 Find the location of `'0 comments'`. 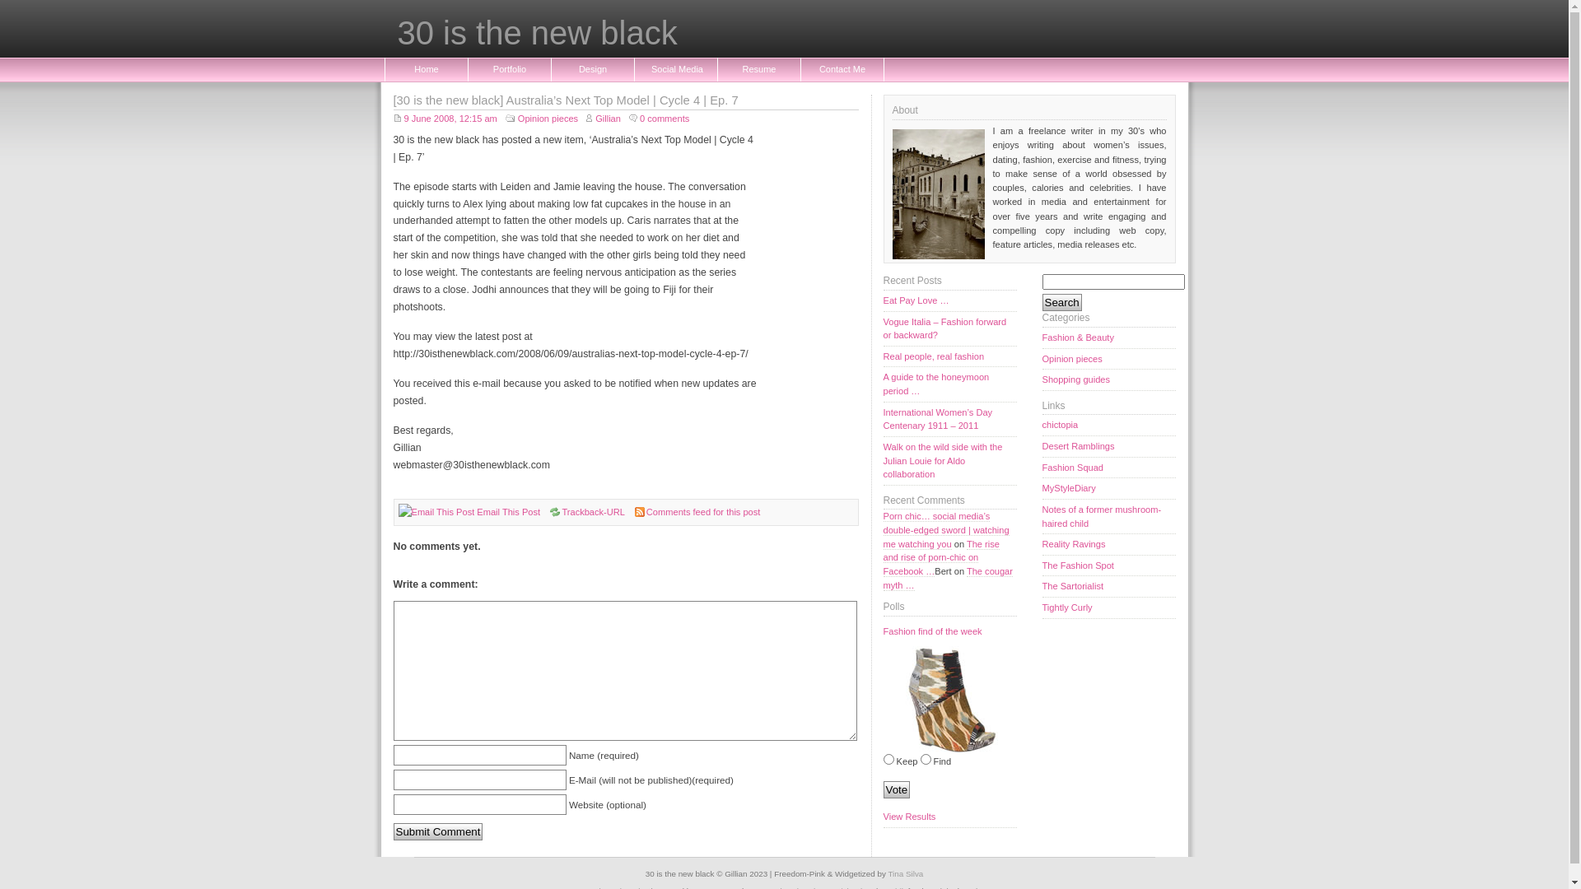

'0 comments' is located at coordinates (659, 117).